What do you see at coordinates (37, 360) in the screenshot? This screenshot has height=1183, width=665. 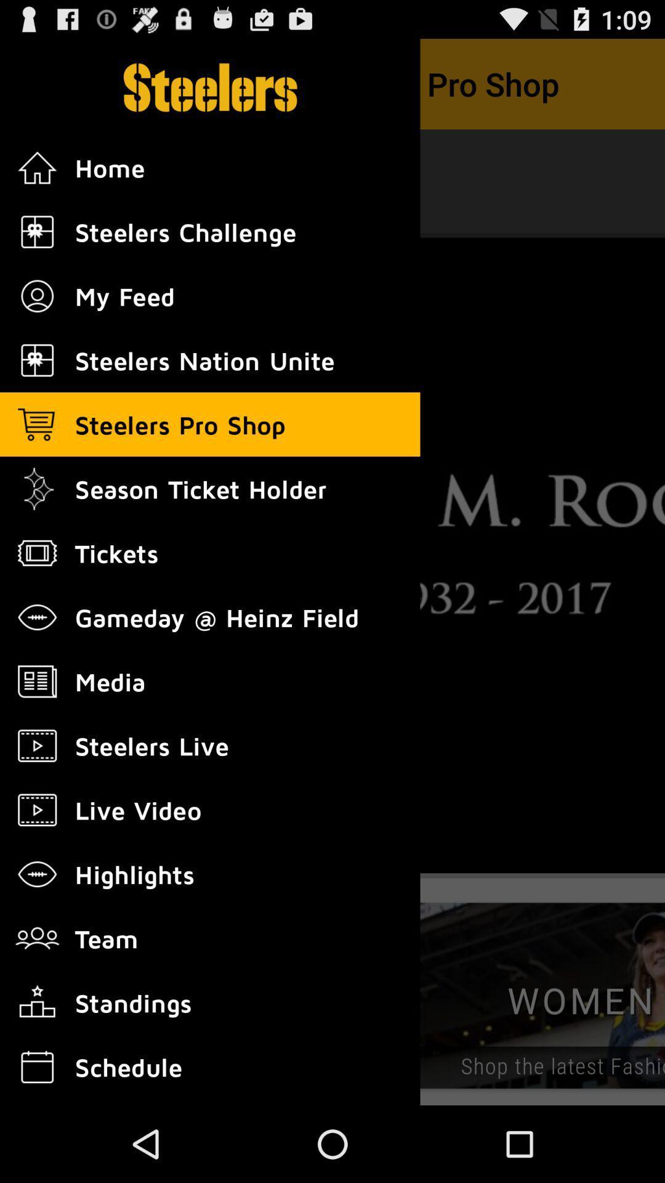 I see `the steelers nation unite icon` at bounding box center [37, 360].